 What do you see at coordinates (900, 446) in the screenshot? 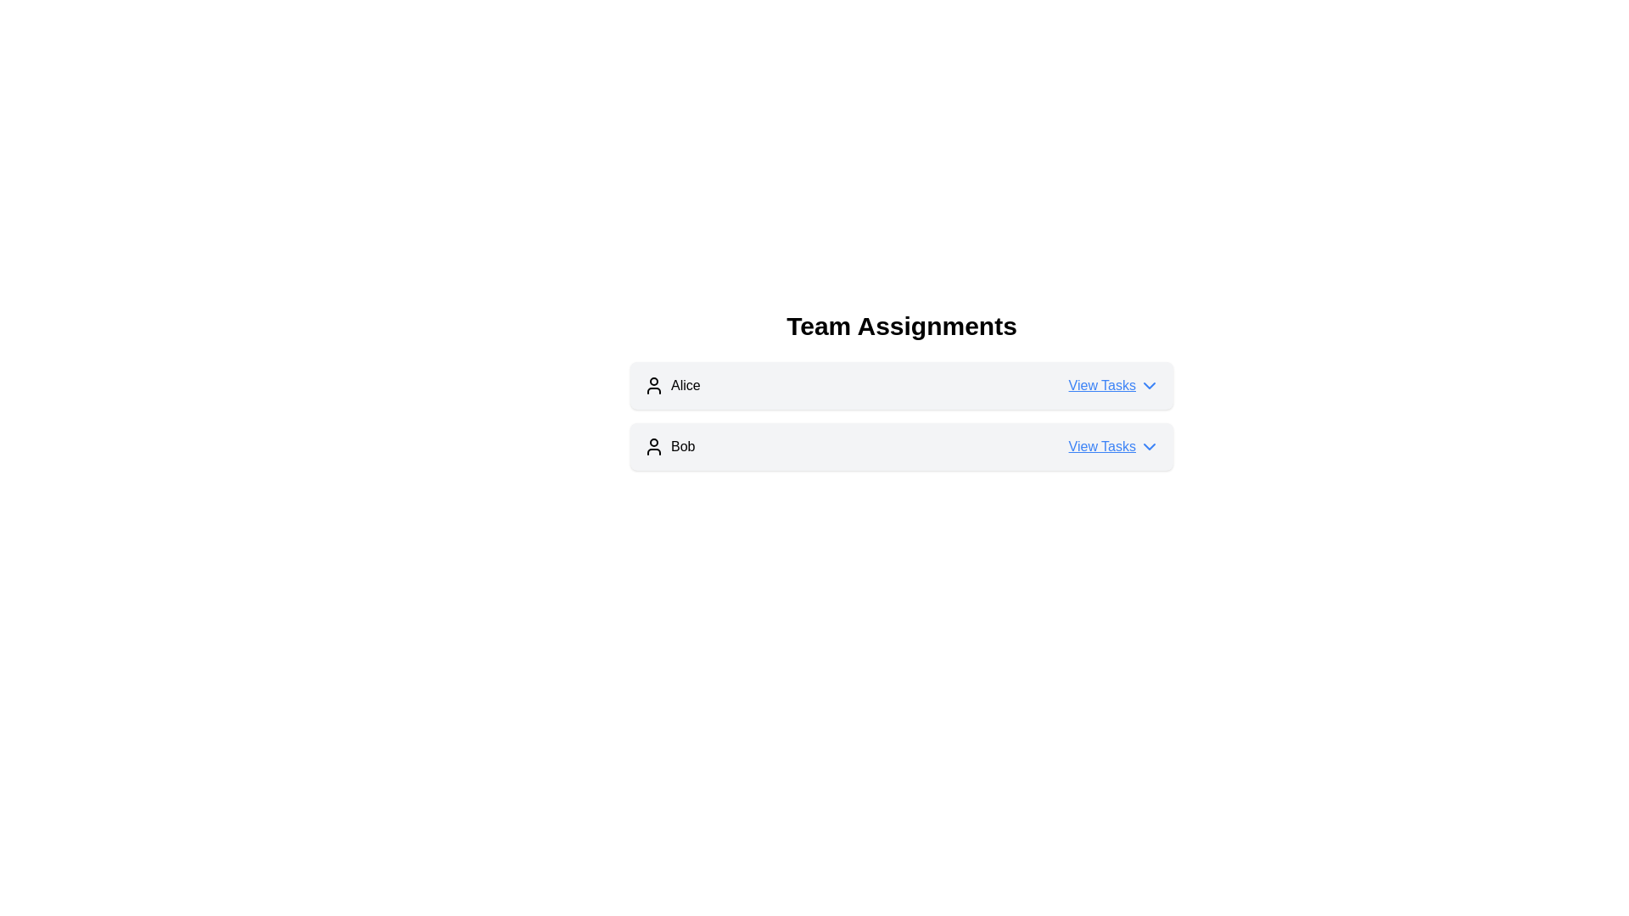
I see `the user assignment block card for 'Bob' that shows their name and provides a link to 'View Tasks', positioned below 'Alice' in the 'Team Assignments' section` at bounding box center [900, 446].